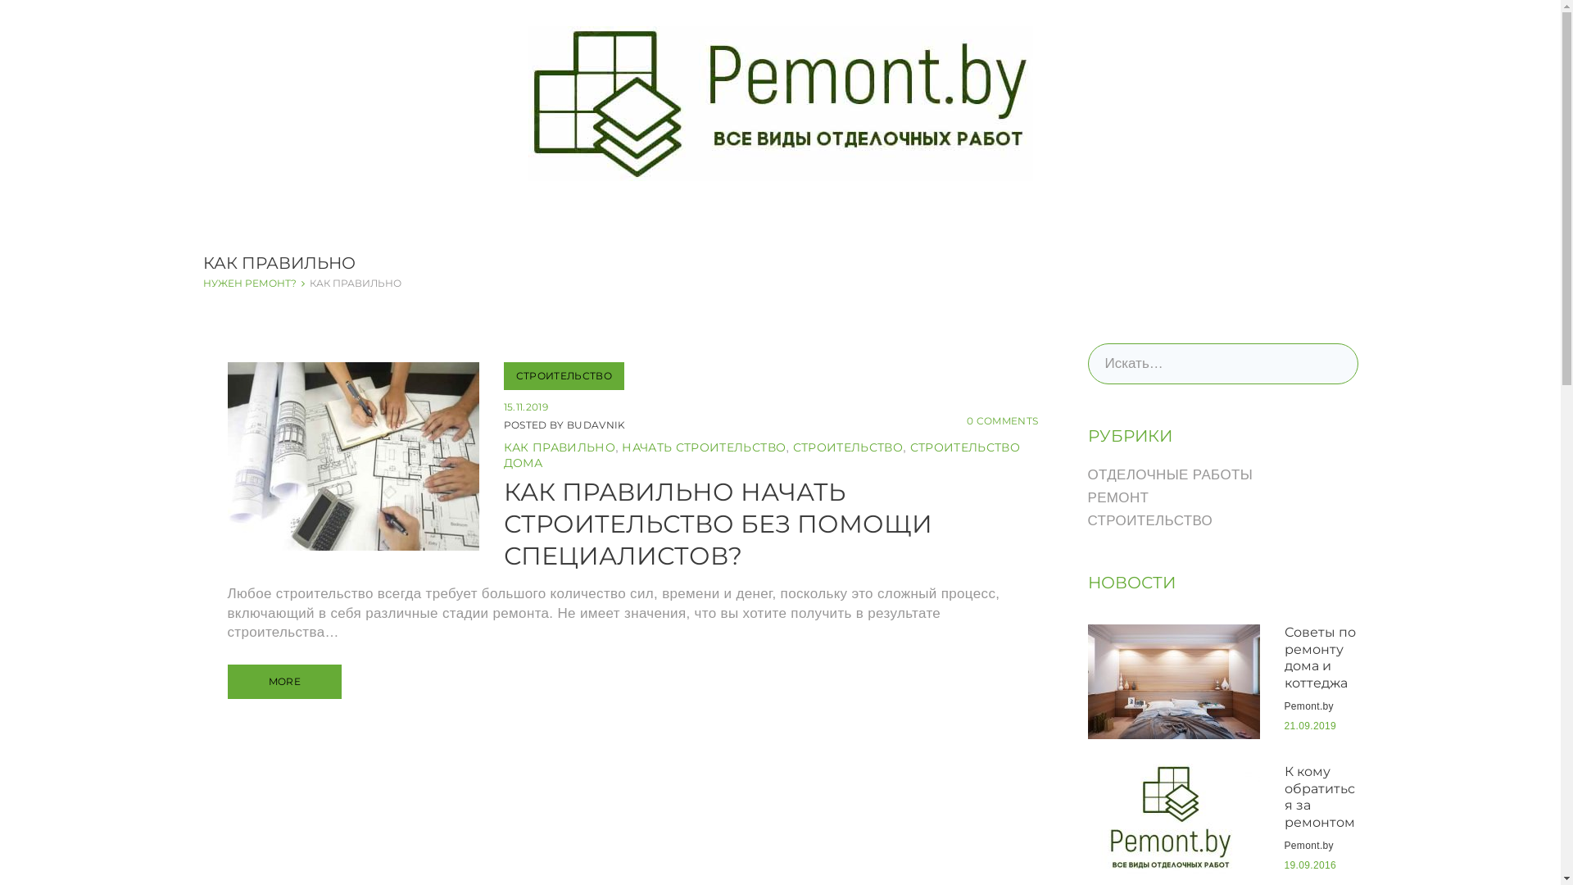 The width and height of the screenshot is (1573, 885). I want to click on 'MORE', so click(284, 682).